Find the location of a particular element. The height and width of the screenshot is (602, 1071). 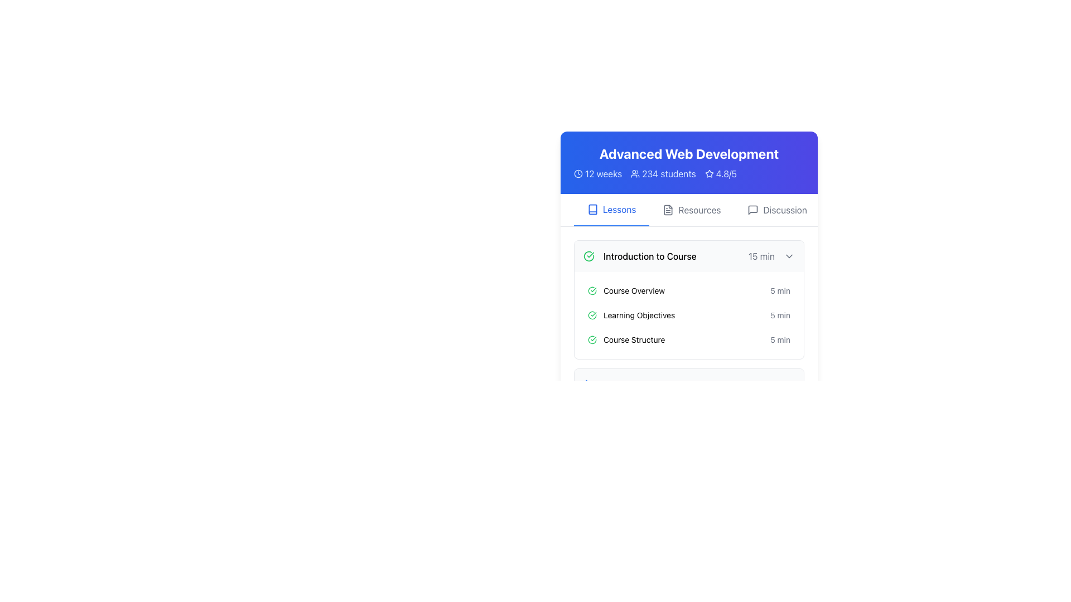

the second list item titled 'Learning Objectives' in the course section is located at coordinates (688, 315).